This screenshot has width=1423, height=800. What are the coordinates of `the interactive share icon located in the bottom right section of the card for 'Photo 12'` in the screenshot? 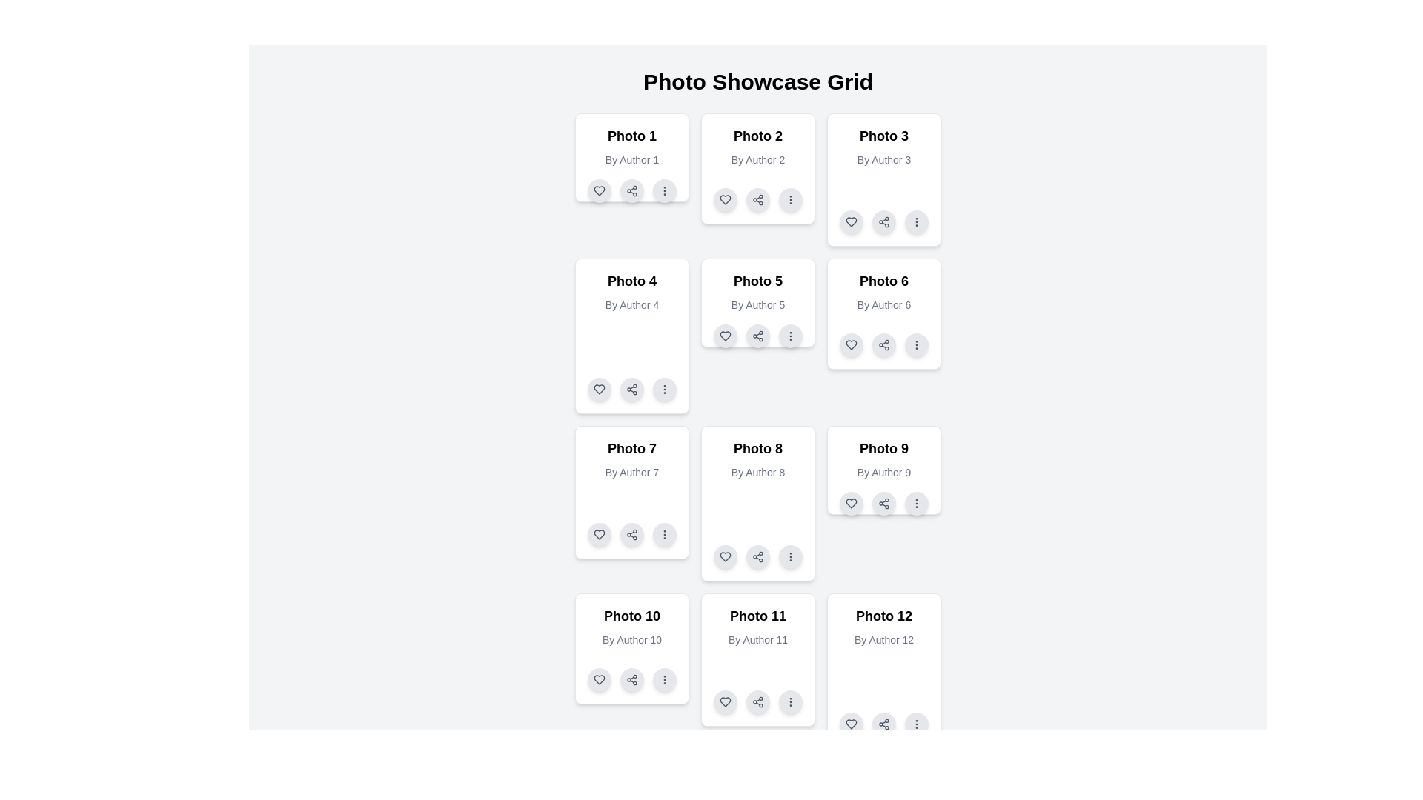 It's located at (884, 724).